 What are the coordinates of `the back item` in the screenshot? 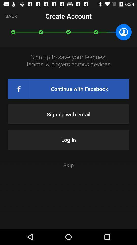 It's located at (11, 16).